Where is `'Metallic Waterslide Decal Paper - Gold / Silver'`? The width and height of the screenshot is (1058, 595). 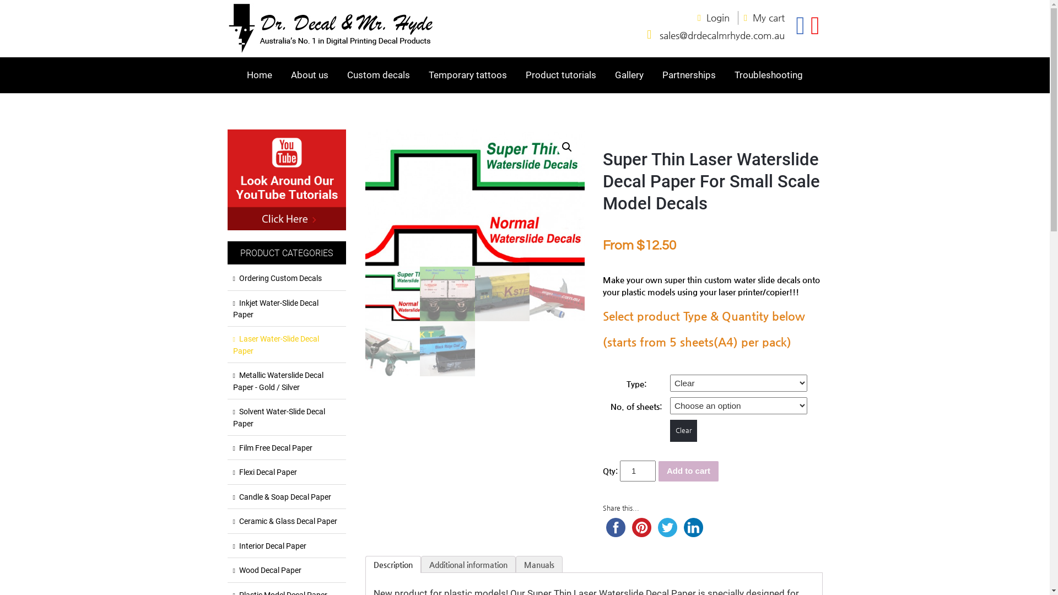 'Metallic Waterslide Decal Paper - Gold / Silver' is located at coordinates (286, 381).